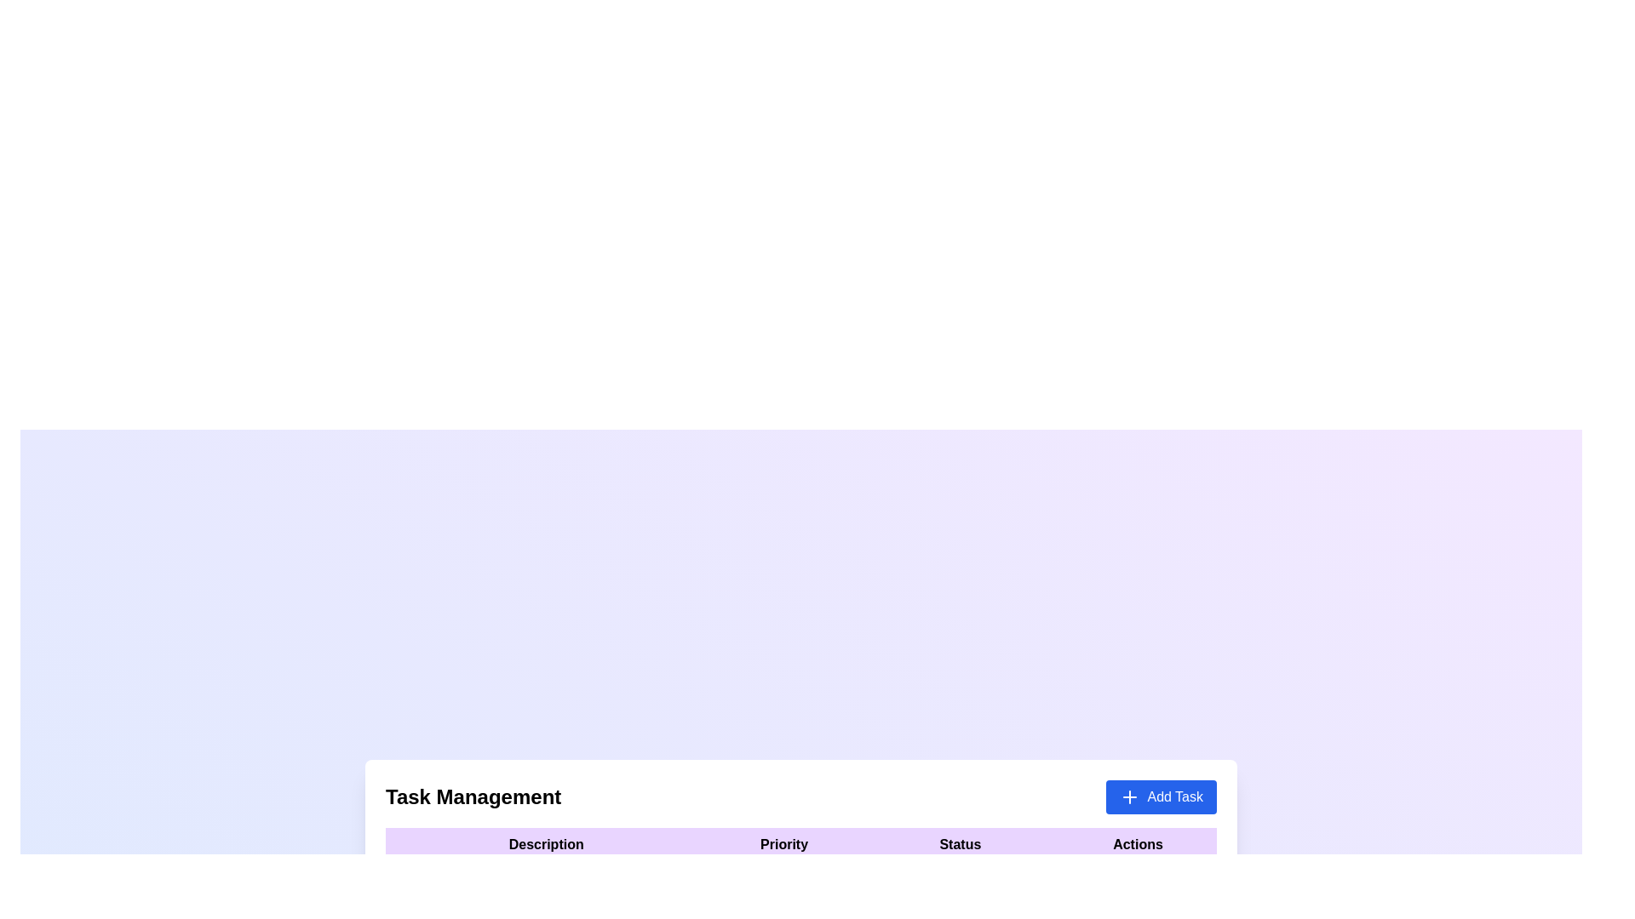 This screenshot has width=1635, height=919. What do you see at coordinates (800, 844) in the screenshot?
I see `header labels from the Table Header Row located at the top center of the table, which labels and distinguishes the content of the columns below it` at bounding box center [800, 844].